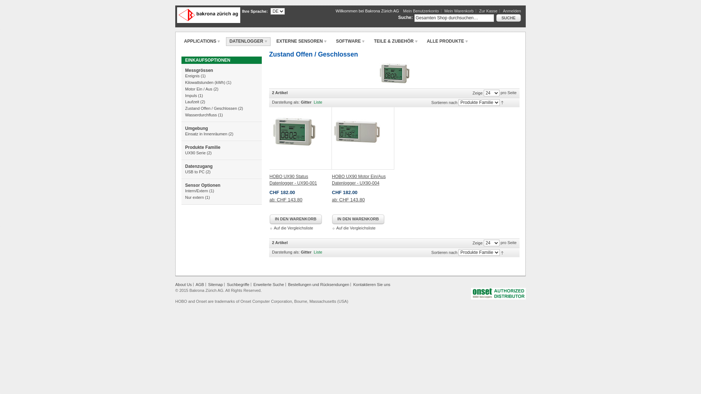 Image resolution: width=701 pixels, height=394 pixels. Describe the element at coordinates (502, 251) in the screenshot. I see `'In absteigender Reihenfolge'` at that location.